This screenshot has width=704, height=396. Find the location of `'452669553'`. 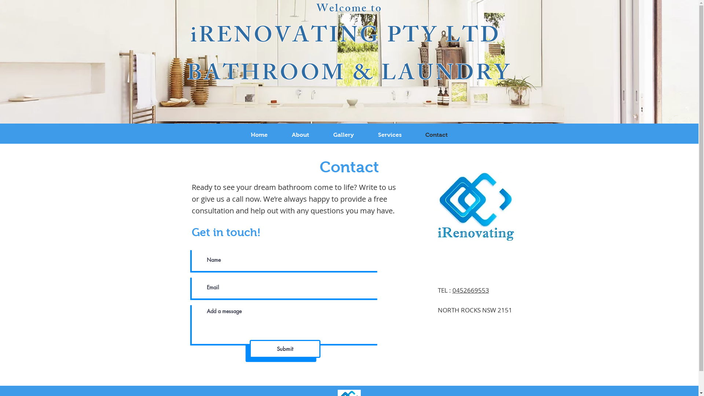

'452669553' is located at coordinates (473, 290).